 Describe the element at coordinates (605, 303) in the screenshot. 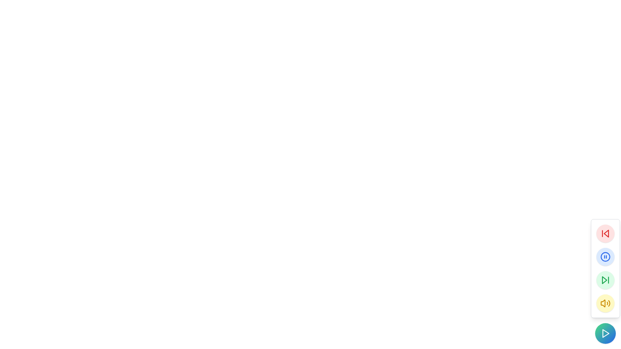

I see `the speaker icon SVG within the fourth circular button of the vertical control panel` at that location.